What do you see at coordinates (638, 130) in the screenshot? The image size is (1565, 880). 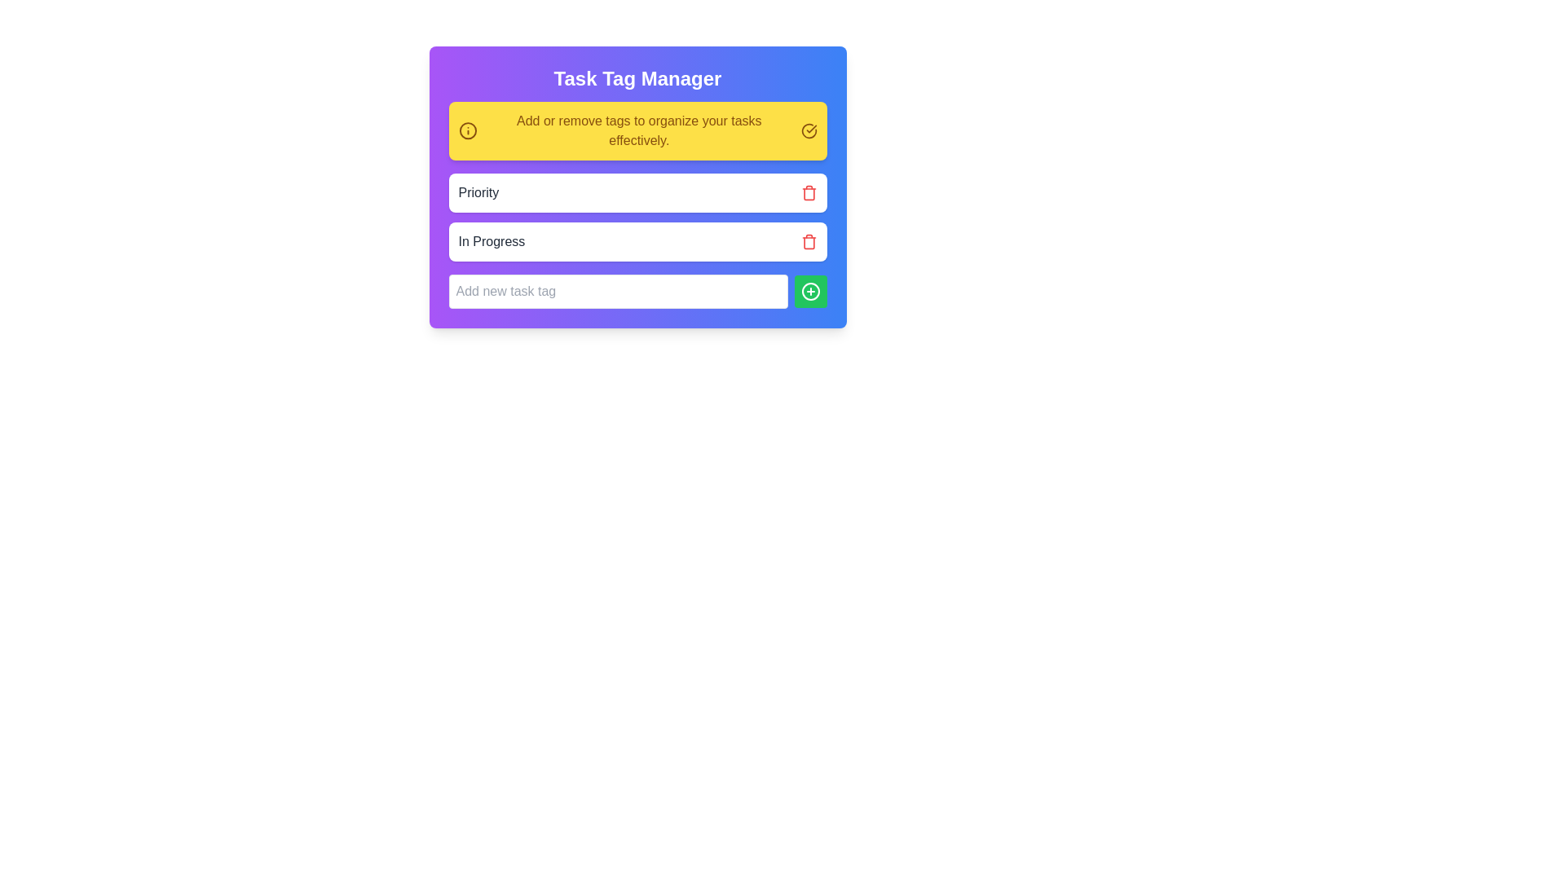 I see `the static text element that provides guidance on managing tags for tasks, located in the 'Task Tag Manager' panel` at bounding box center [638, 130].